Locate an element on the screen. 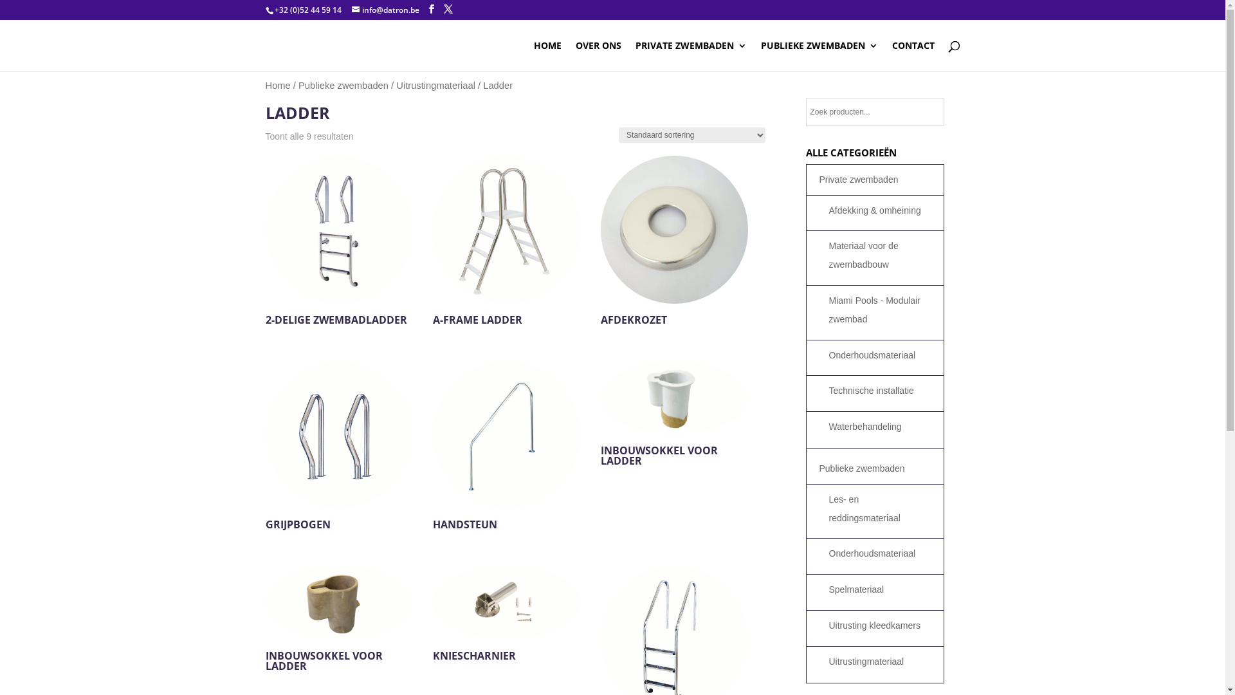  'PUBLIEKE ZWEMBADEN' is located at coordinates (818, 55).